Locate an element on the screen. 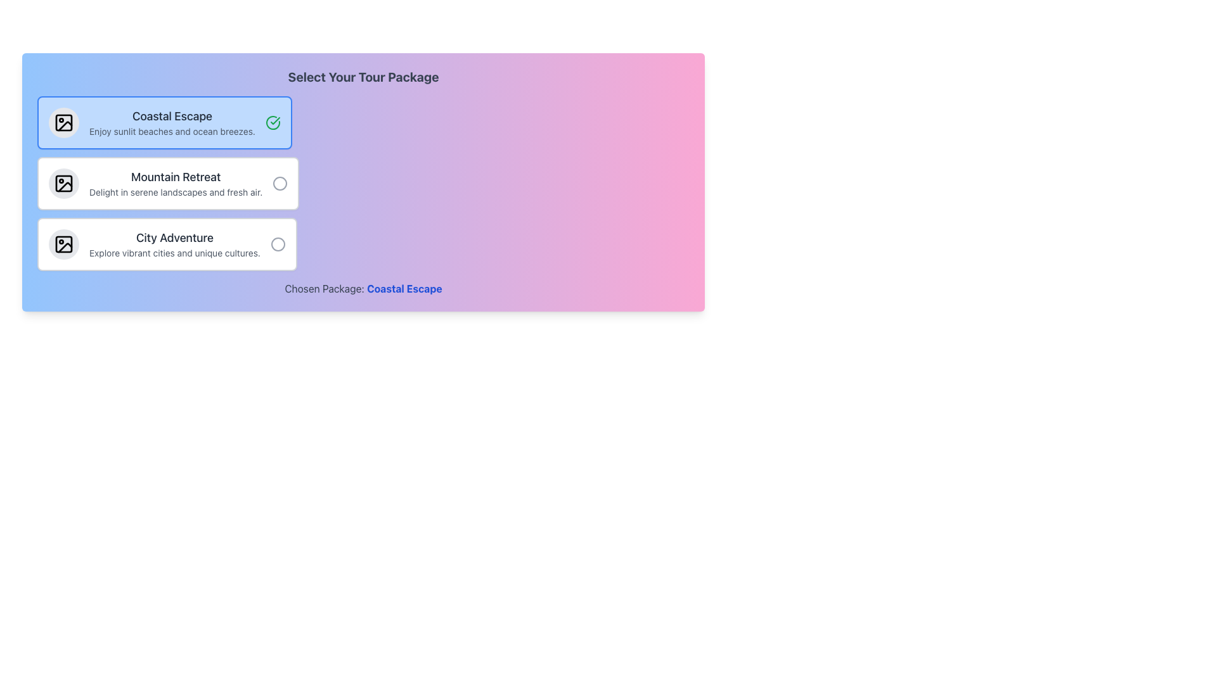  the text label for 'Mountain Retreat' to interact with the selectable option in the interface is located at coordinates (175, 177).